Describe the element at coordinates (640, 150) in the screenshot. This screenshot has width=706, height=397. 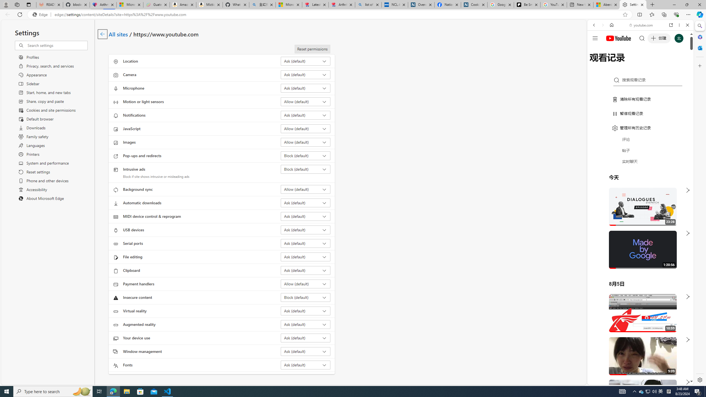
I see `'Music'` at that location.